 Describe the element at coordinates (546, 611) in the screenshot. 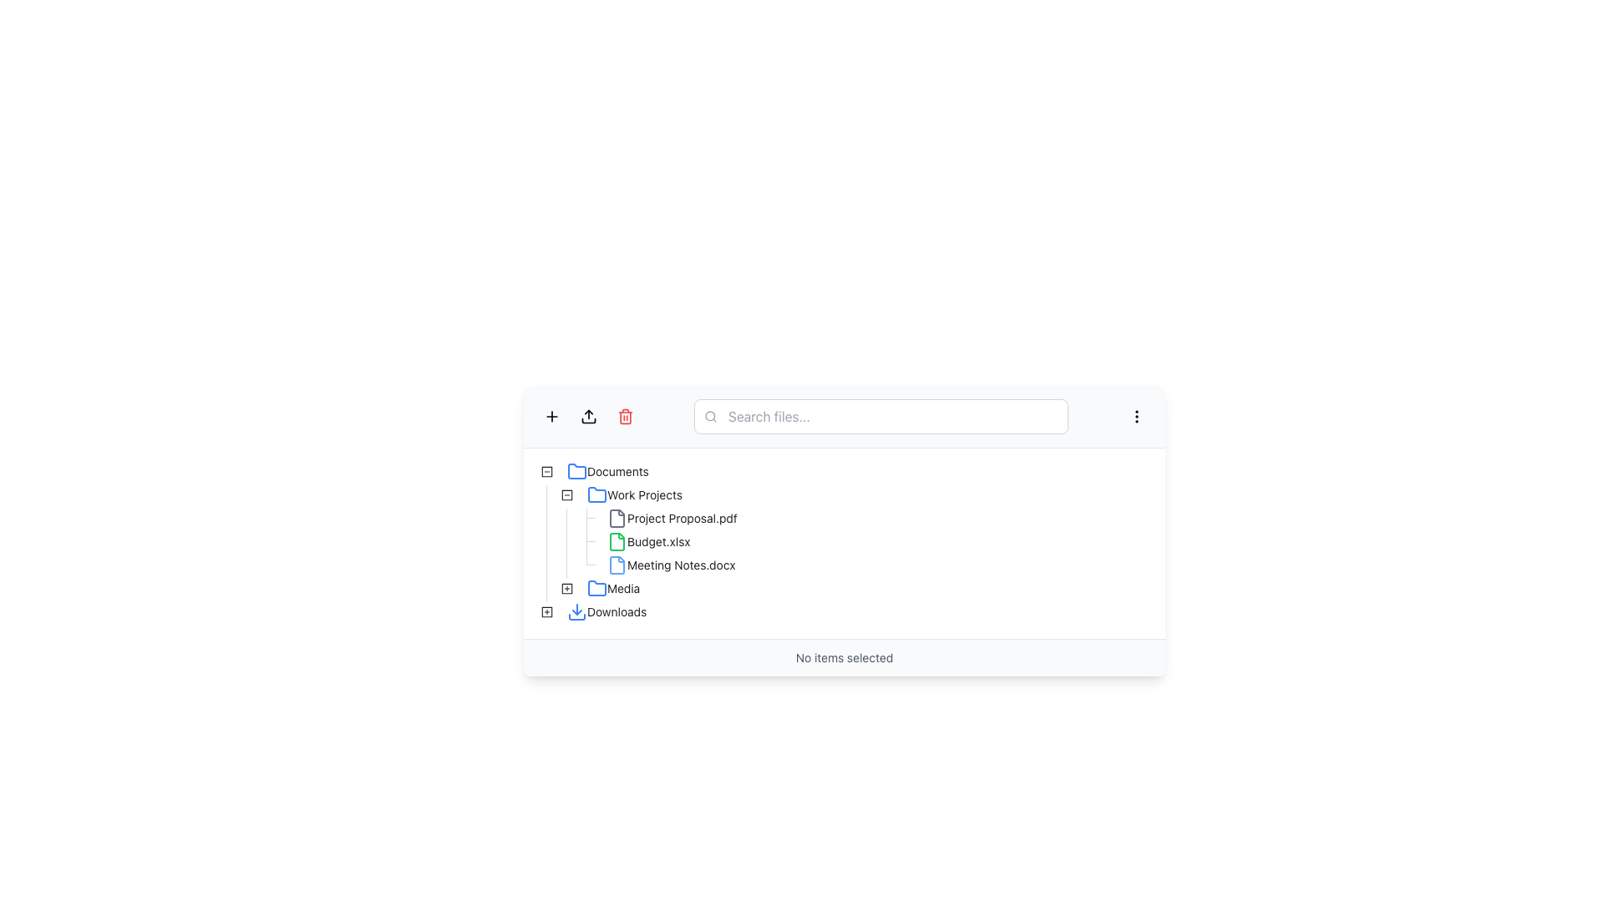

I see `the Downloads icon in the file tree view` at that location.